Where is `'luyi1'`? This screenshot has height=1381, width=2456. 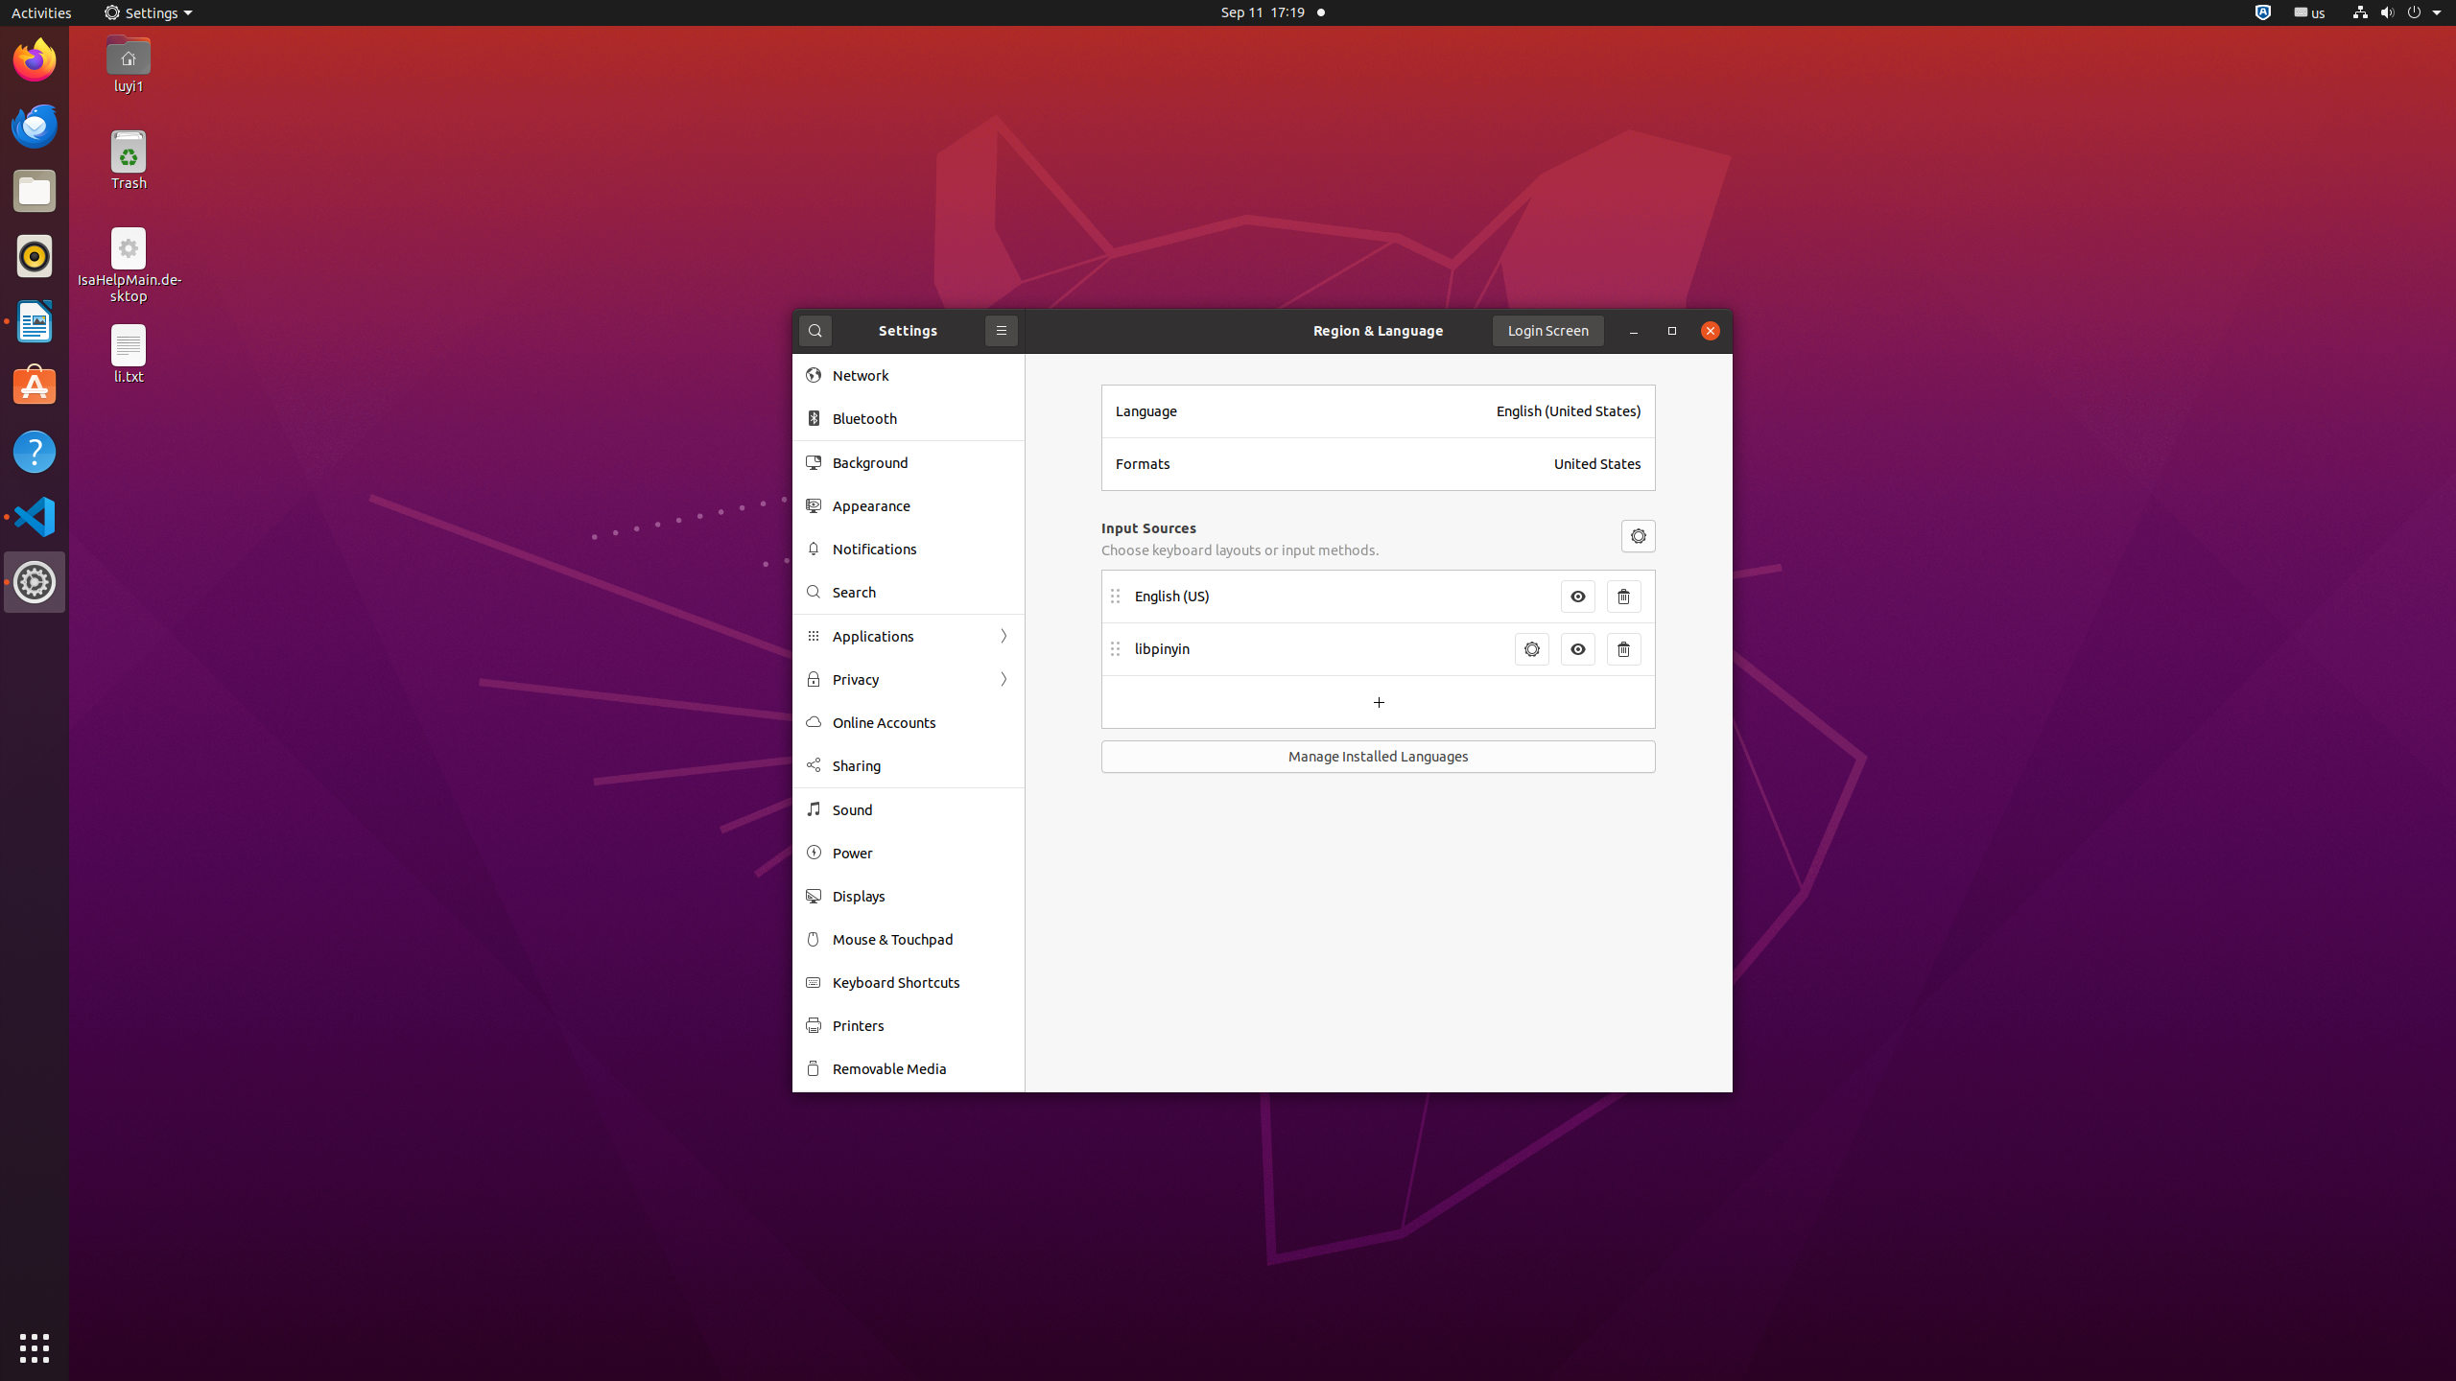
'luyi1' is located at coordinates (128, 84).